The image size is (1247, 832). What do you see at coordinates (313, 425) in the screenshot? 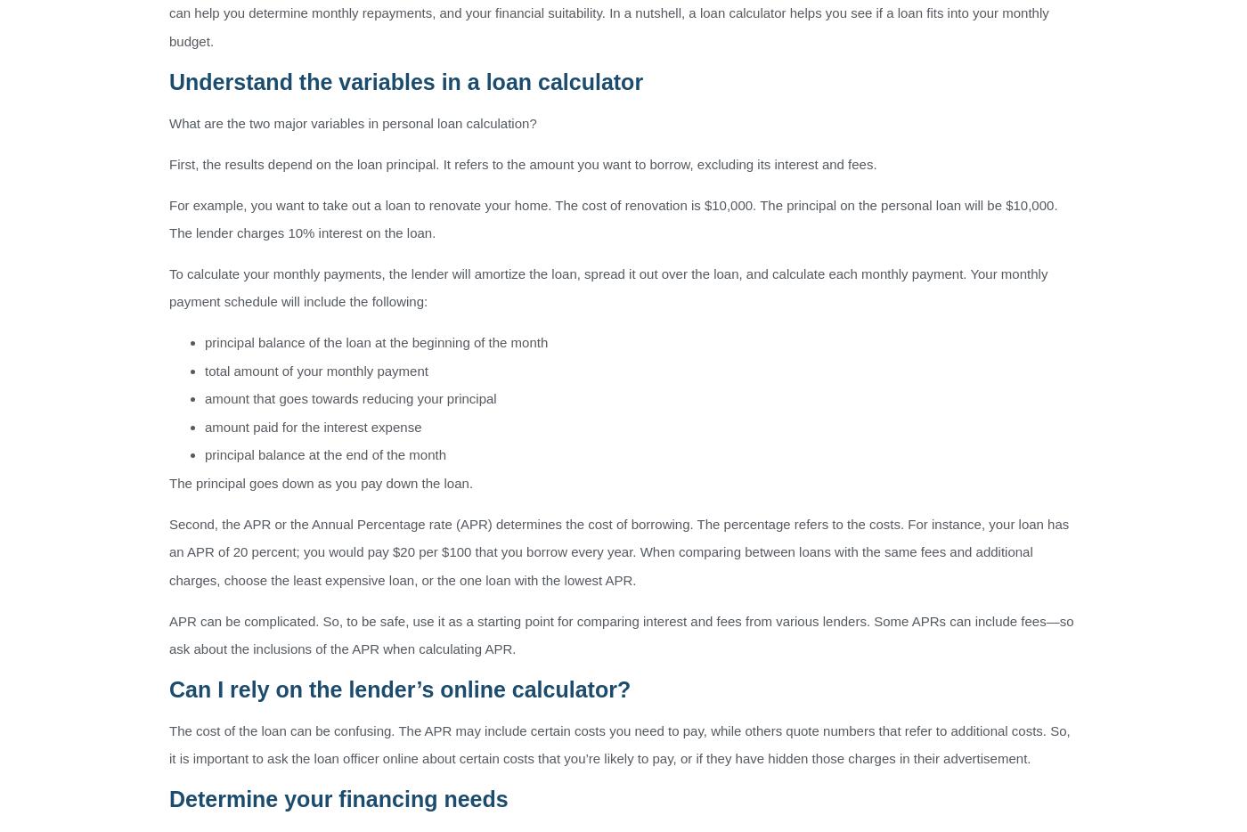
I see `'amount paid for the interest expense'` at bounding box center [313, 425].